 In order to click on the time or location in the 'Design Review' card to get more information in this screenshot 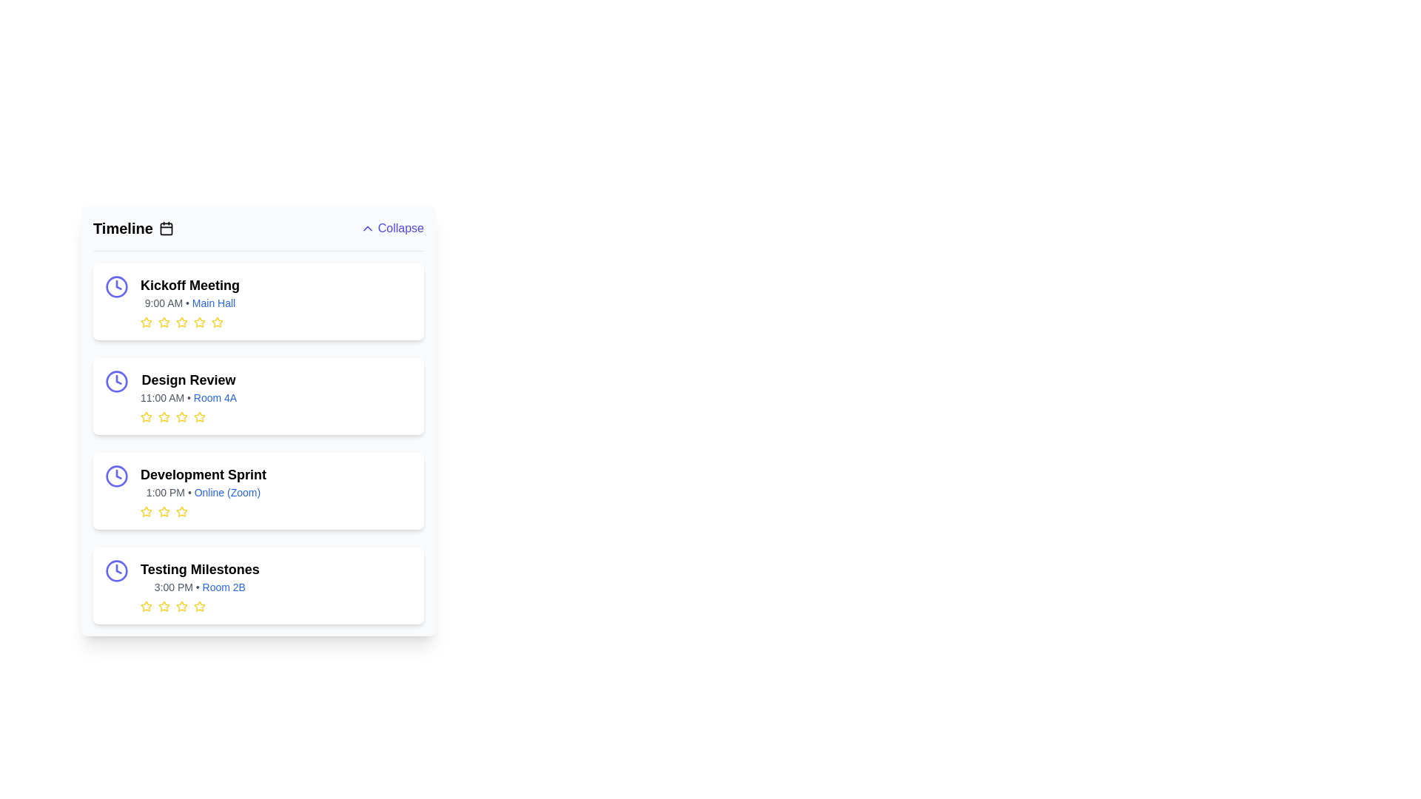, I will do `click(258, 396)`.